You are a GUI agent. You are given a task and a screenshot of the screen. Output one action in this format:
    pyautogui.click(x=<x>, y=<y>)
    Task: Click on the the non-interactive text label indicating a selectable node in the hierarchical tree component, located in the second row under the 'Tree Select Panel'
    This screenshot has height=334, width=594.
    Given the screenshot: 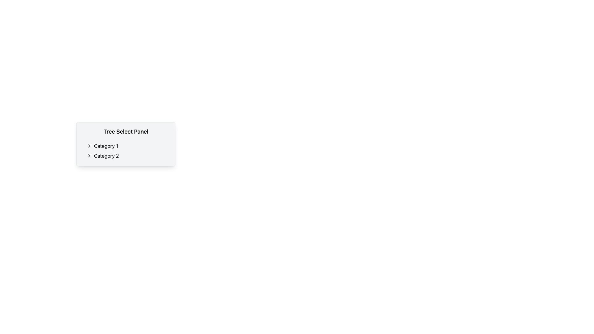 What is the action you would take?
    pyautogui.click(x=106, y=156)
    